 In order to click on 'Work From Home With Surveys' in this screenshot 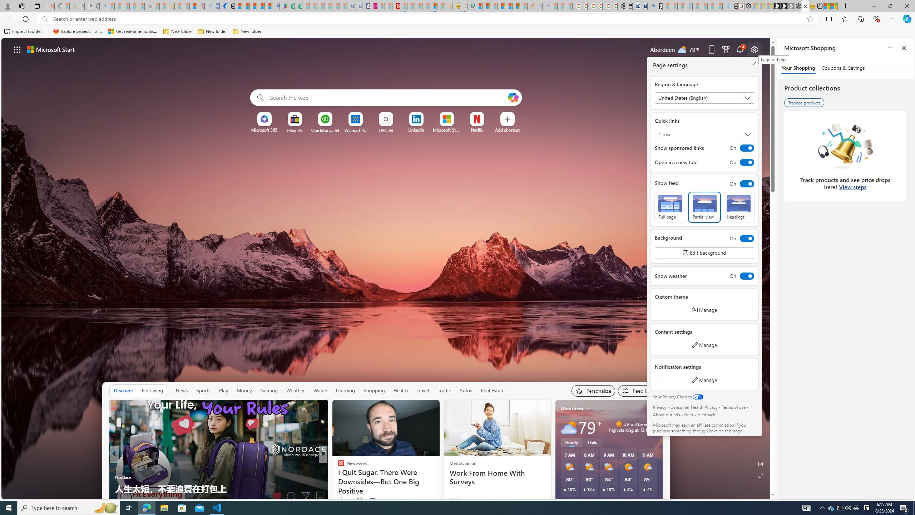, I will do `click(497, 477)`.